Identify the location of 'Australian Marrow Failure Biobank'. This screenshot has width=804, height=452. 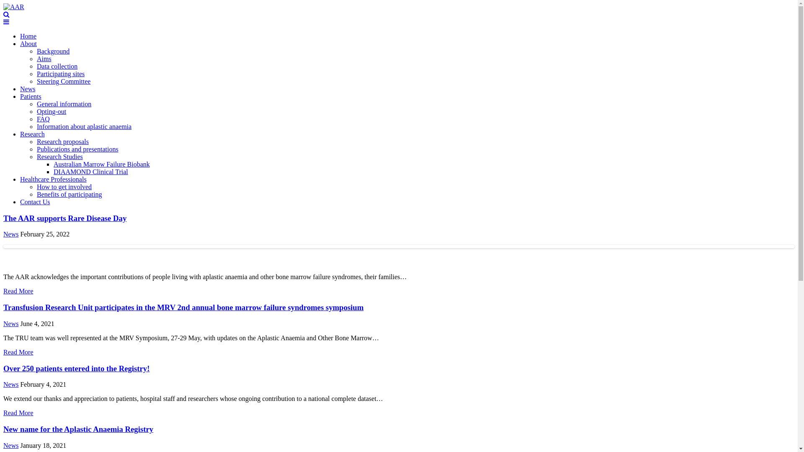
(101, 164).